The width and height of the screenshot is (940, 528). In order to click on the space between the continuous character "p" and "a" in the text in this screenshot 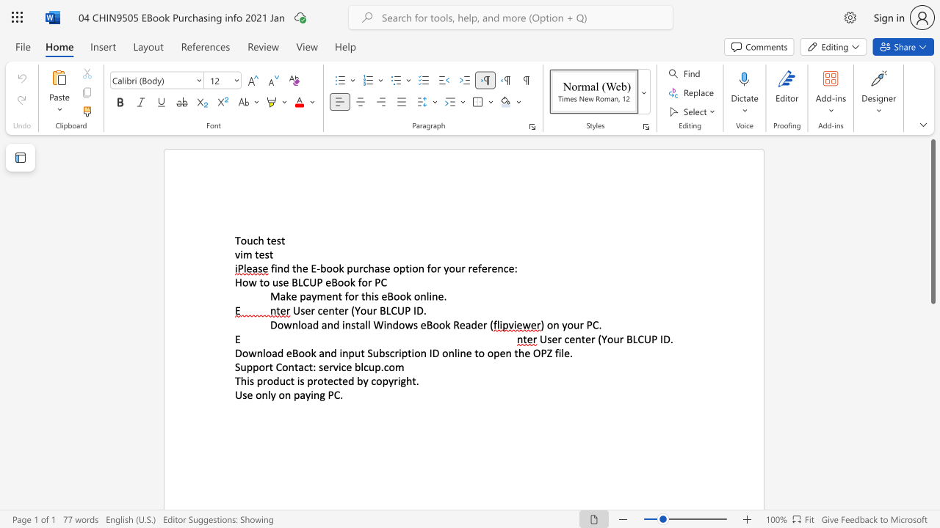, I will do `click(305, 296)`.